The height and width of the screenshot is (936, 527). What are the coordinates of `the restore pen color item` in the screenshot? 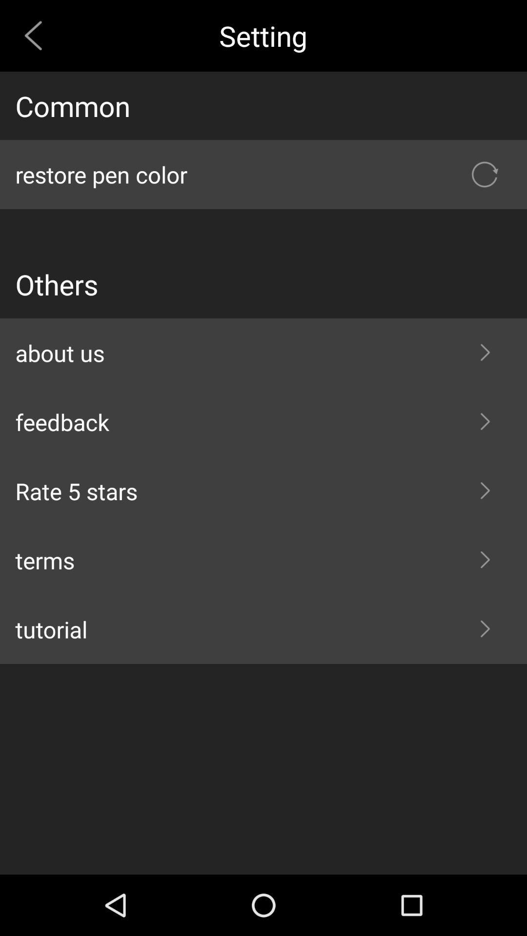 It's located at (263, 175).